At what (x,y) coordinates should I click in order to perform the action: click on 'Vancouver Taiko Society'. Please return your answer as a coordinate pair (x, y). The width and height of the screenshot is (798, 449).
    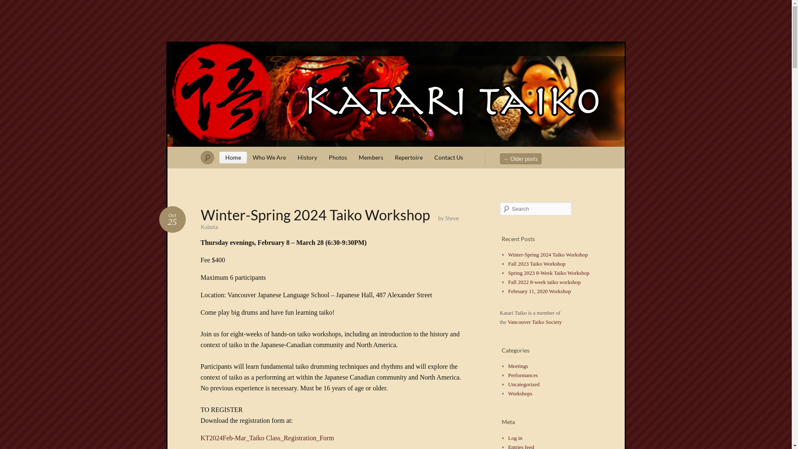
    Looking at the image, I should click on (534, 321).